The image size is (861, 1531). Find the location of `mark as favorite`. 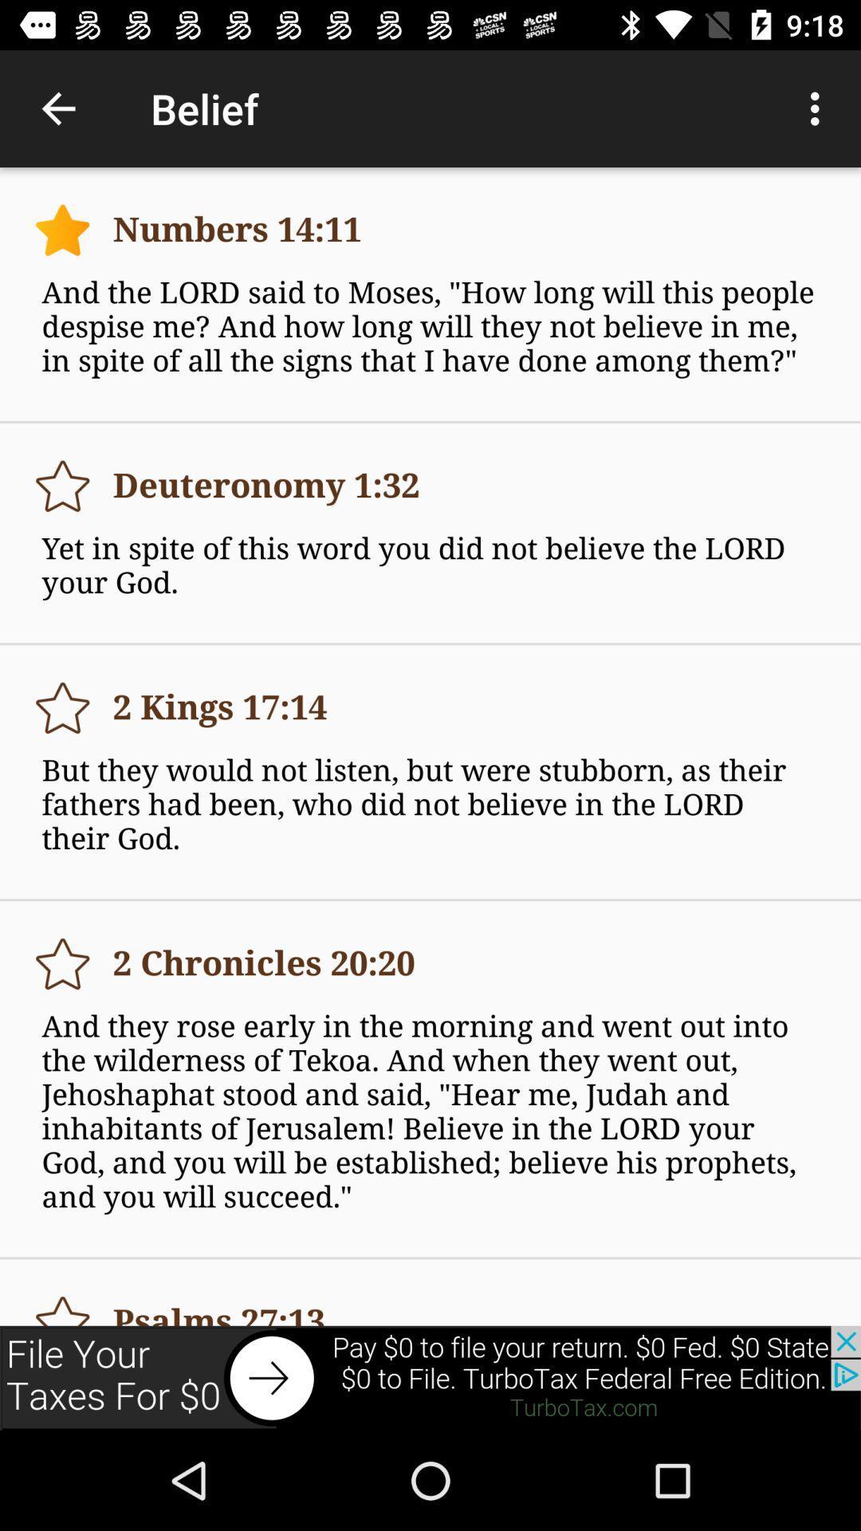

mark as favorite is located at coordinates (61, 485).